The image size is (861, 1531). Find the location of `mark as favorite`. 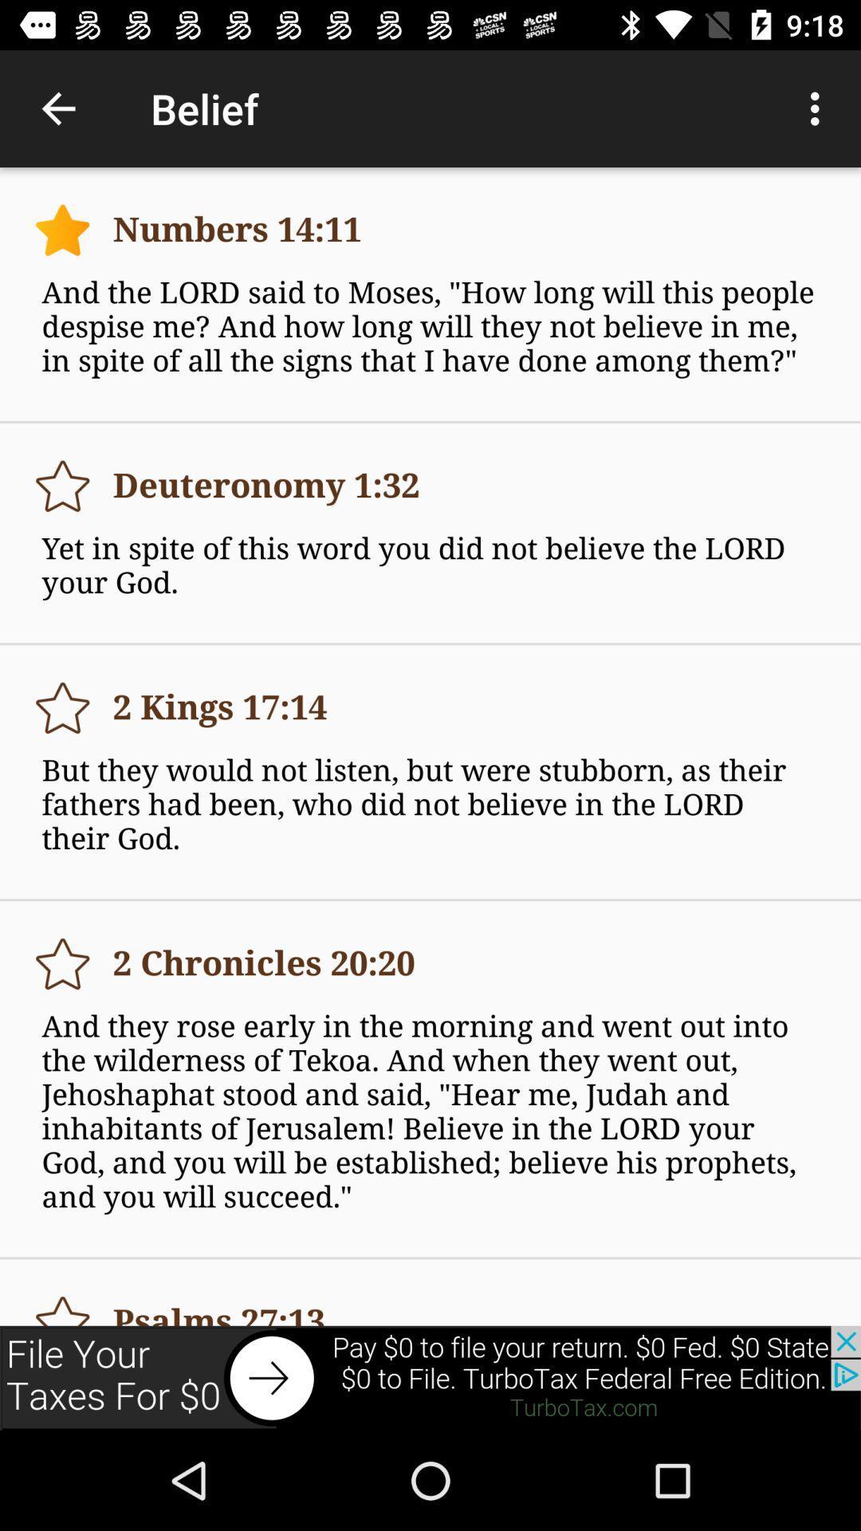

mark as favorite is located at coordinates (61, 485).